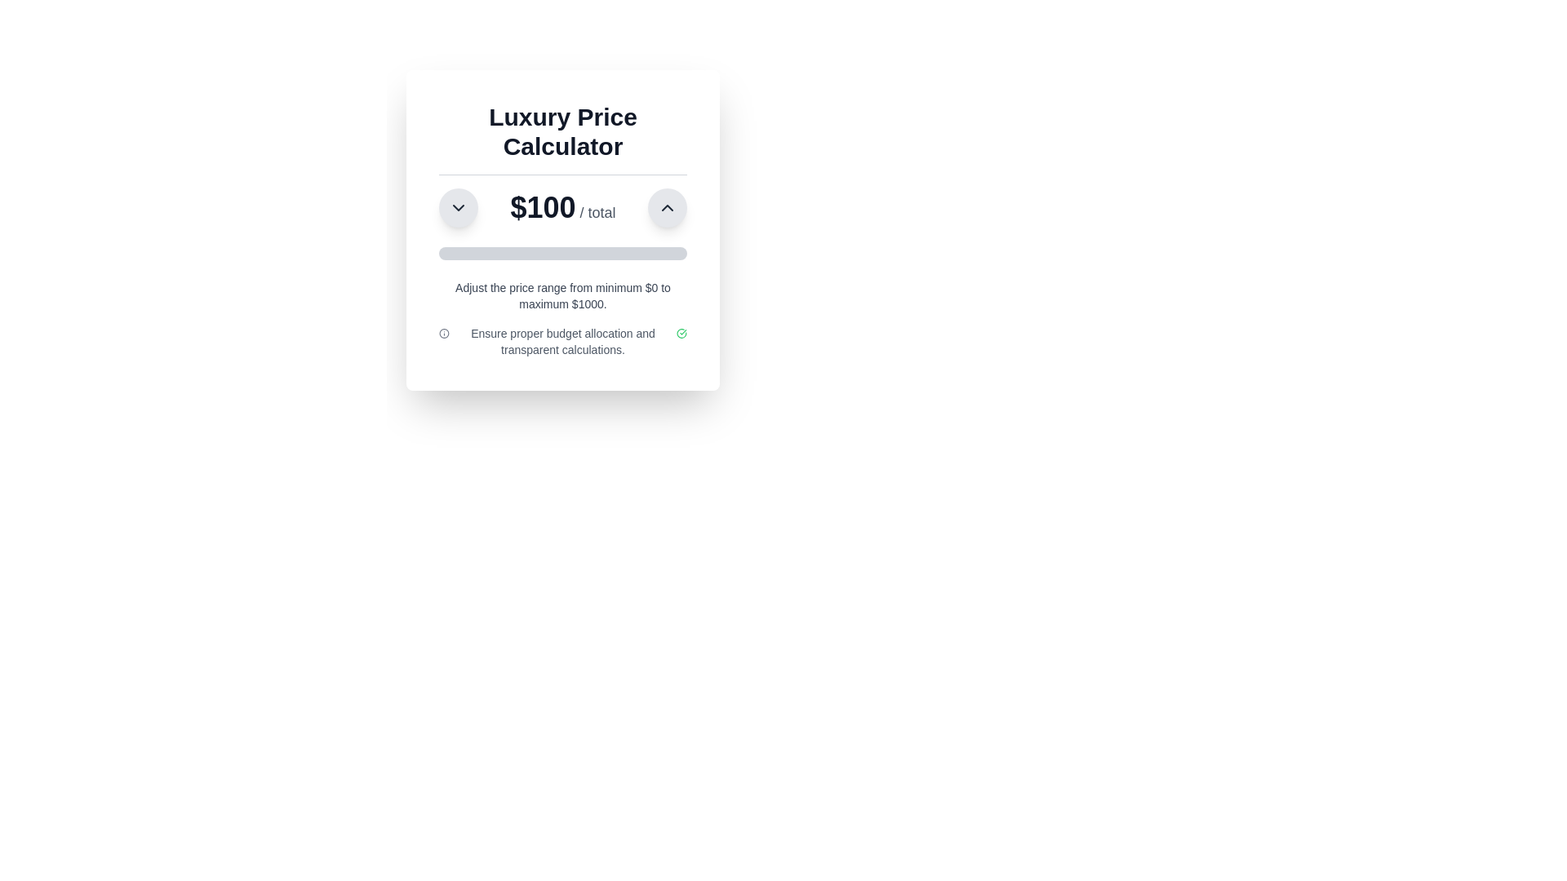 Image resolution: width=1567 pixels, height=881 pixels. I want to click on the text label reading '/ total', which is styled in light gray and located to the right of the '$100' text in the lower section of a larger bolded text block, so click(594, 212).